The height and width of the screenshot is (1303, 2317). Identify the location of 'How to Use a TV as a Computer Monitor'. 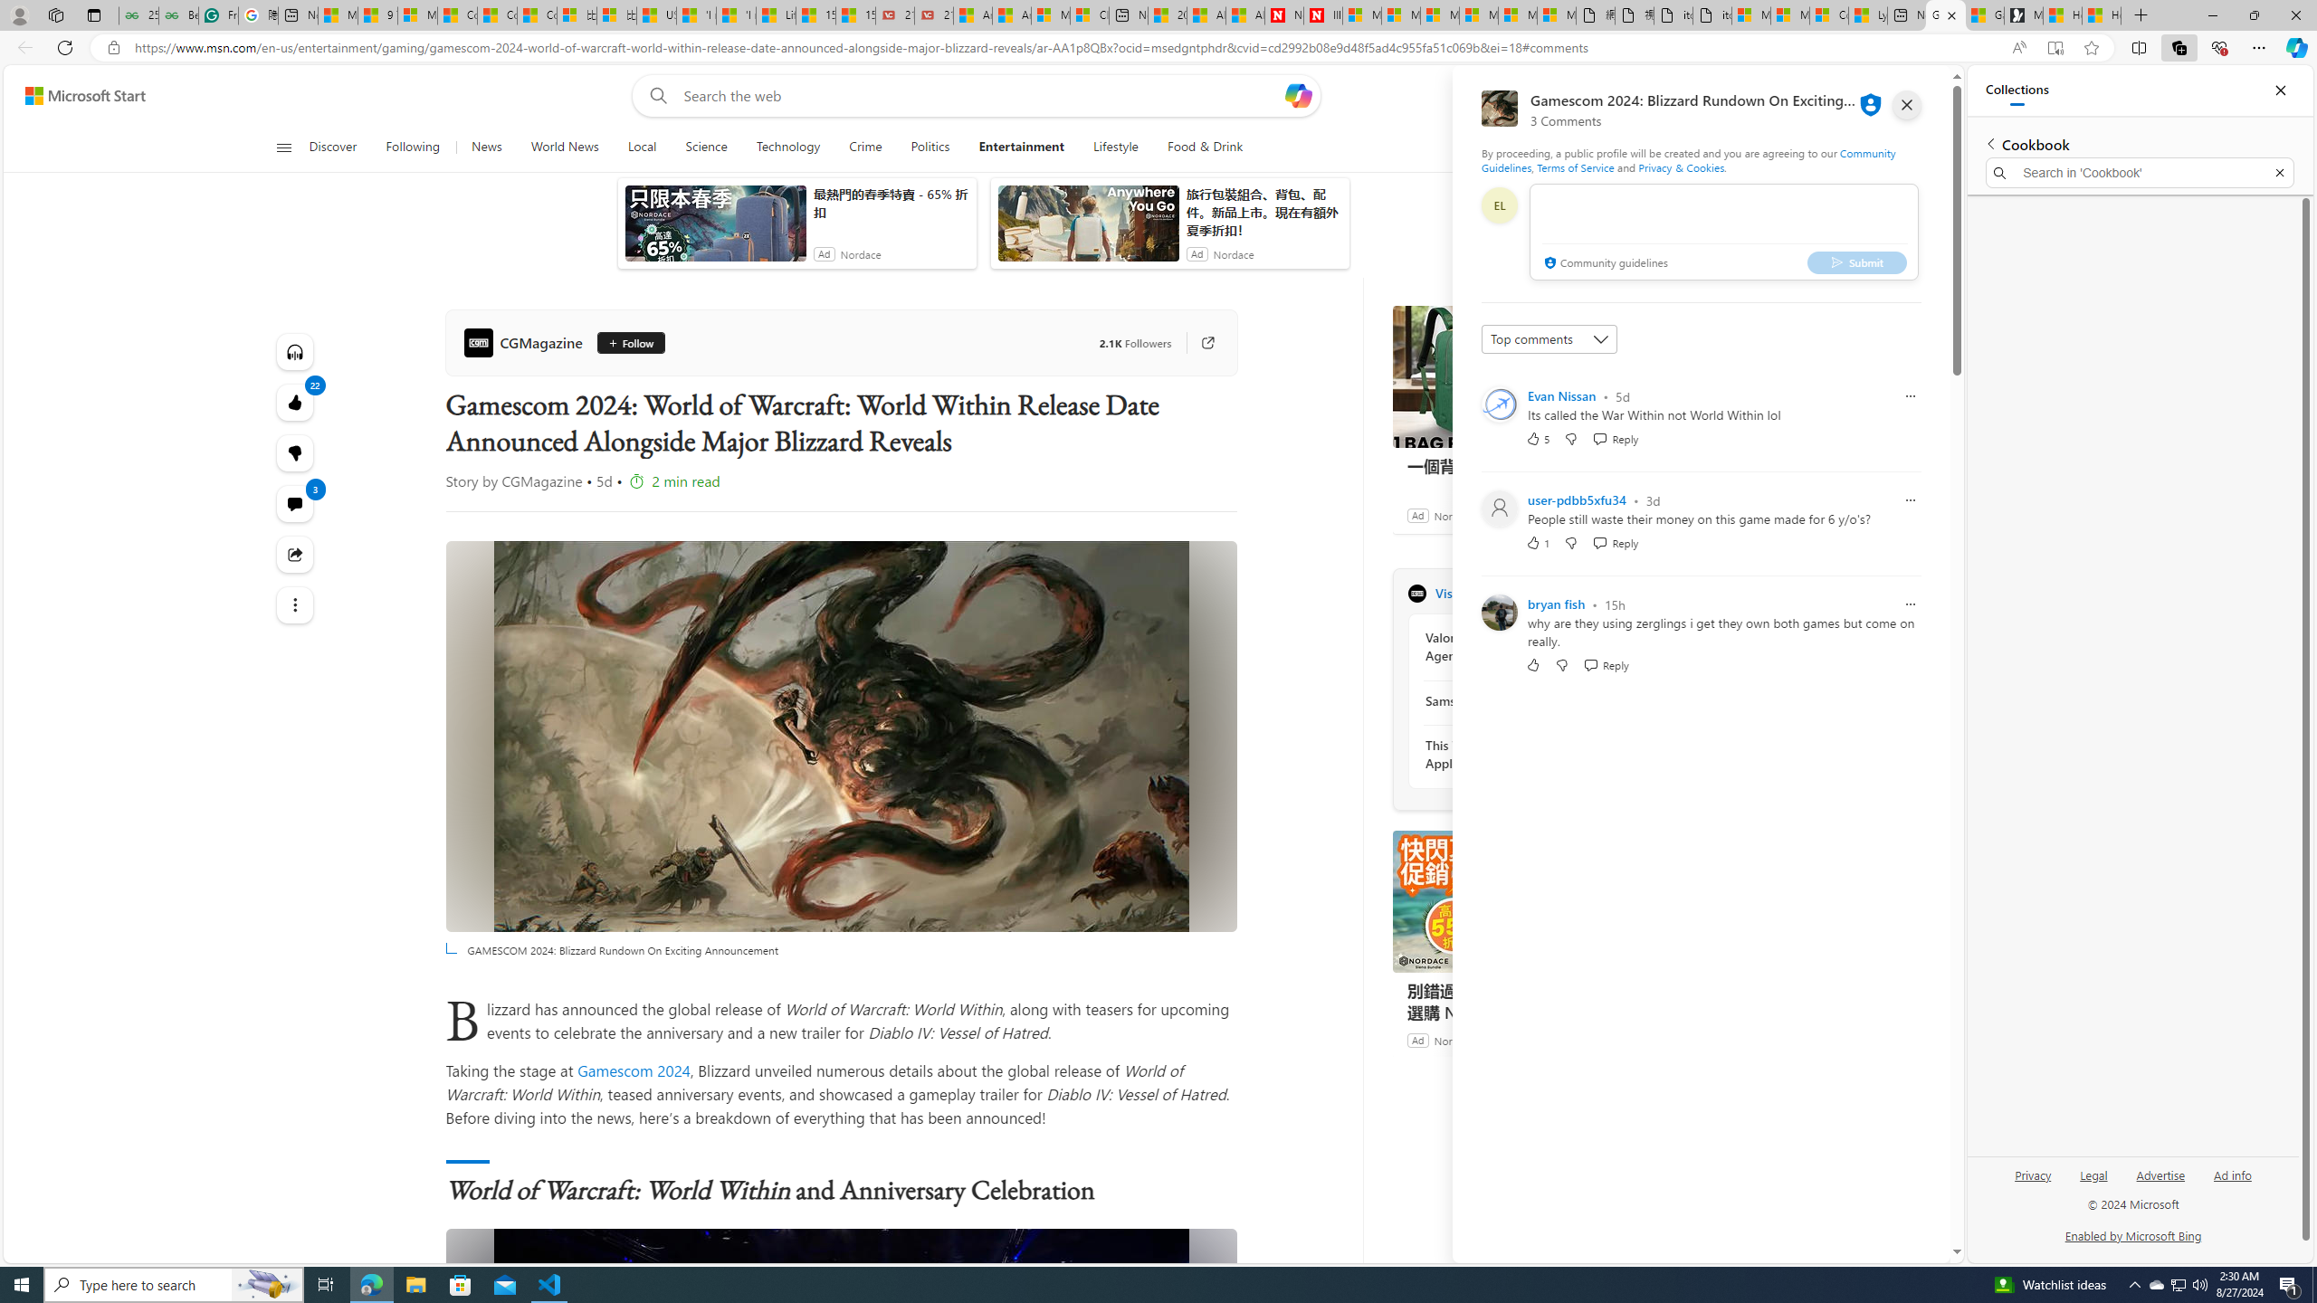
(2100, 14).